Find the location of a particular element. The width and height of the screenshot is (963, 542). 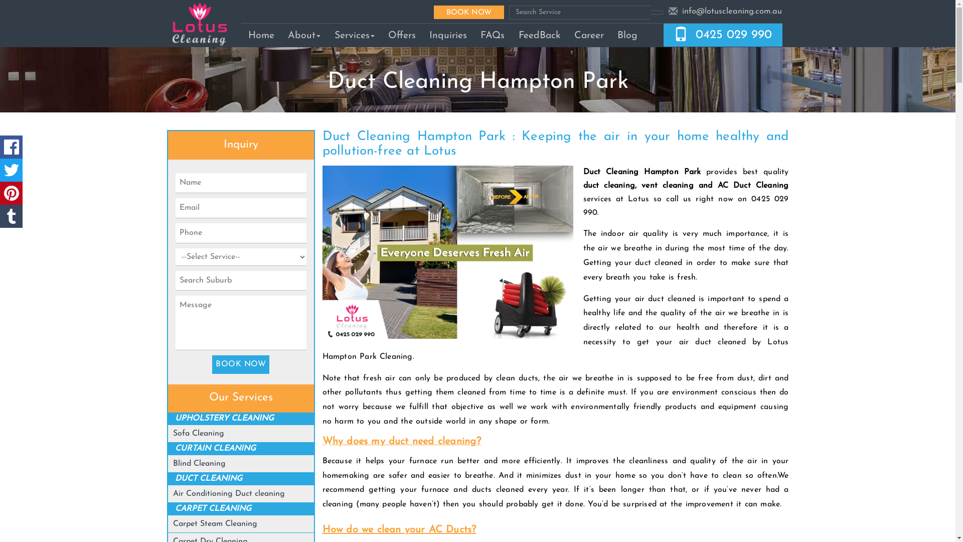

'0425 029 990' is located at coordinates (734, 34).